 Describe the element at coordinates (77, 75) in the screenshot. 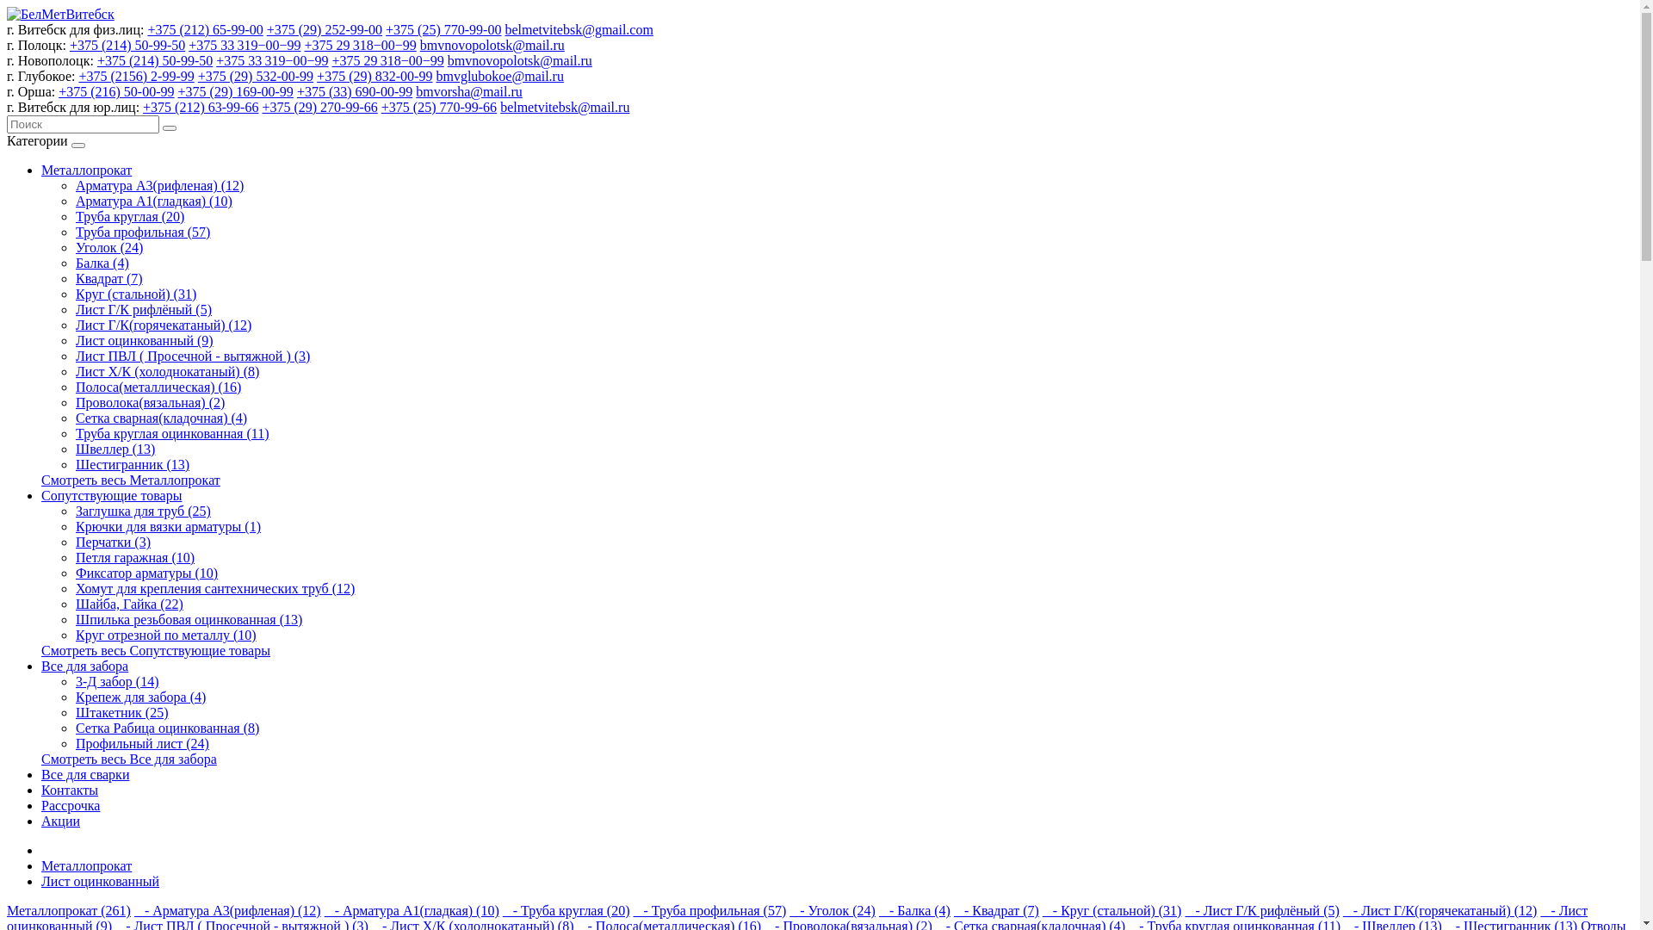

I see `'+375 (2156) 2-99-99'` at that location.